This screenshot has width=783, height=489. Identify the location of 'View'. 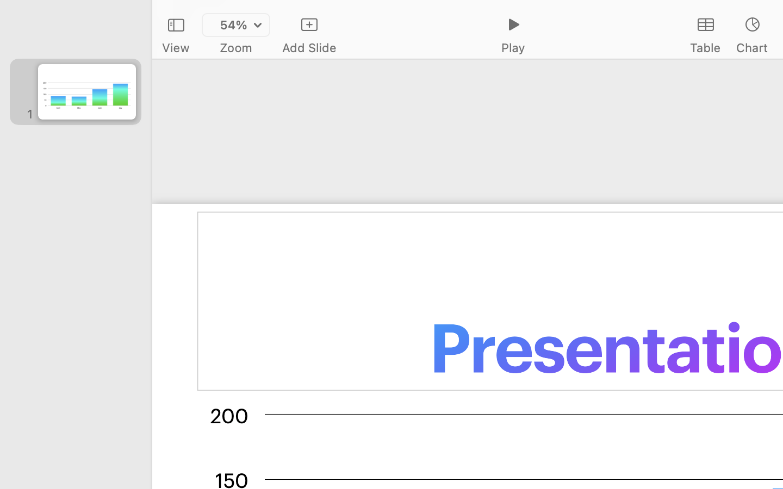
(175, 47).